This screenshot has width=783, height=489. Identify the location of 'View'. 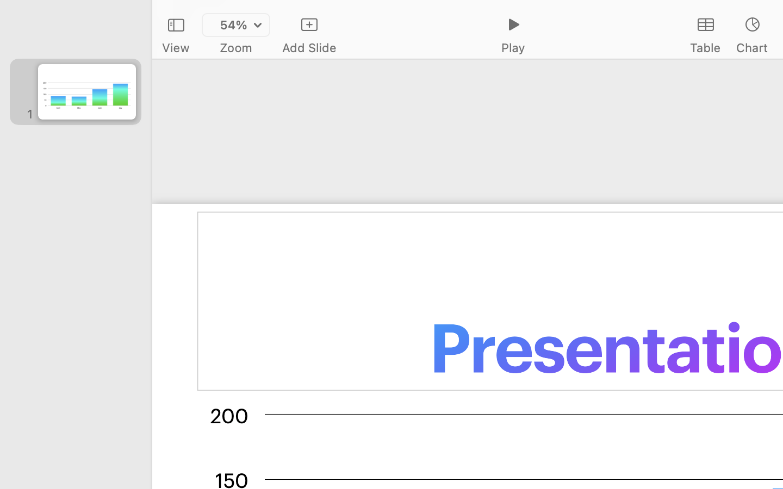
(175, 47).